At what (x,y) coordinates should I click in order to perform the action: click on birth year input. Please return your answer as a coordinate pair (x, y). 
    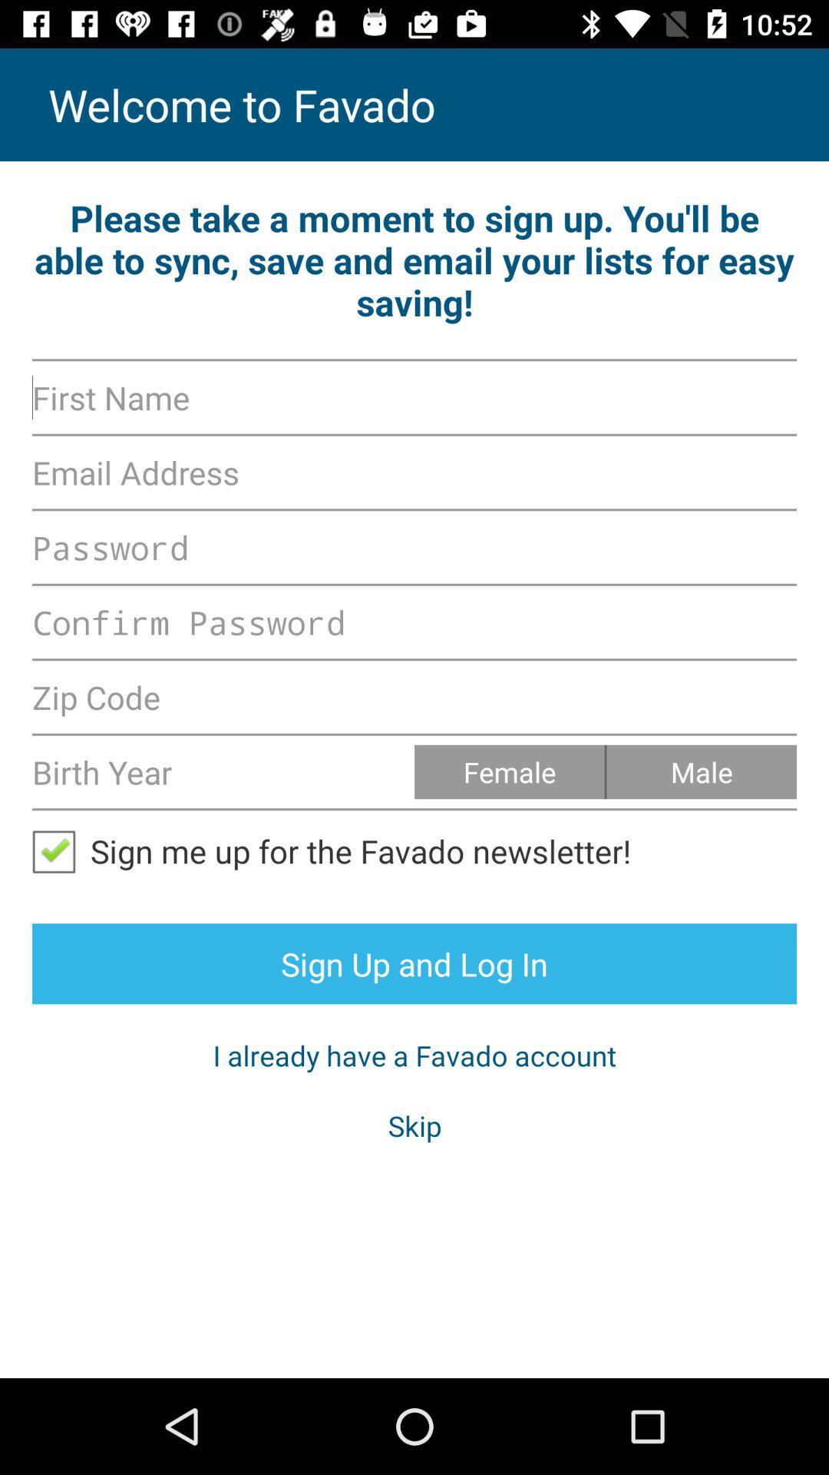
    Looking at the image, I should click on (223, 771).